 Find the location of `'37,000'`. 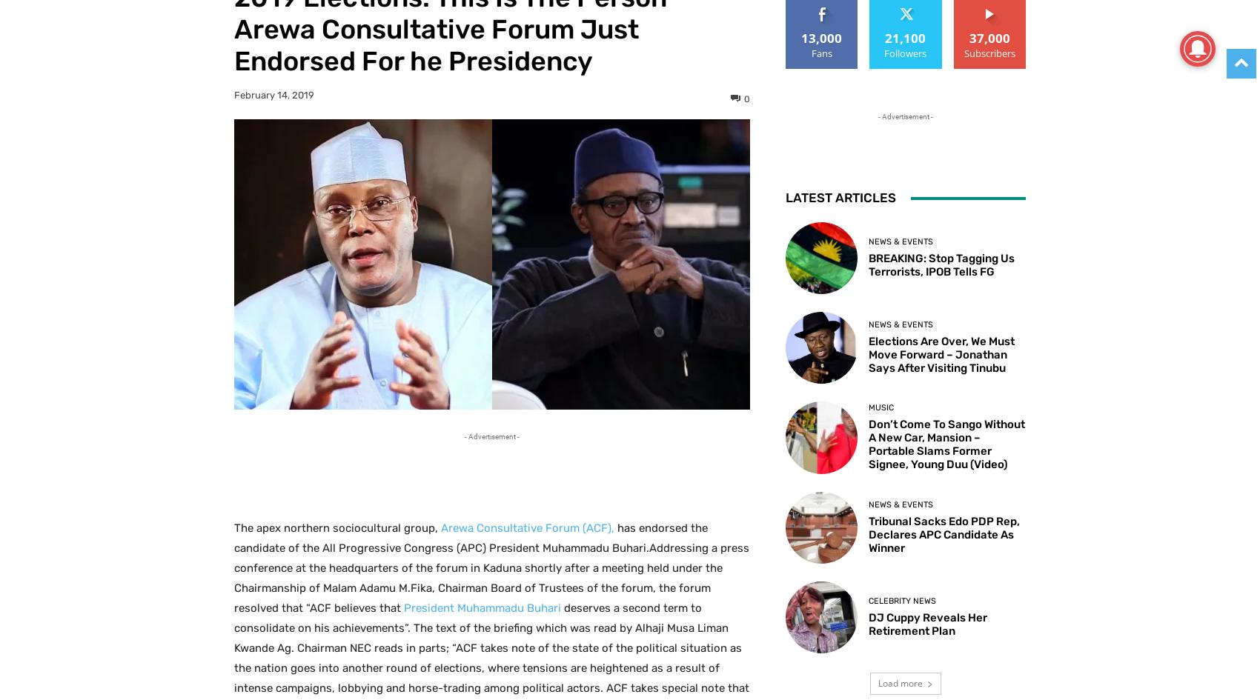

'37,000' is located at coordinates (989, 38).